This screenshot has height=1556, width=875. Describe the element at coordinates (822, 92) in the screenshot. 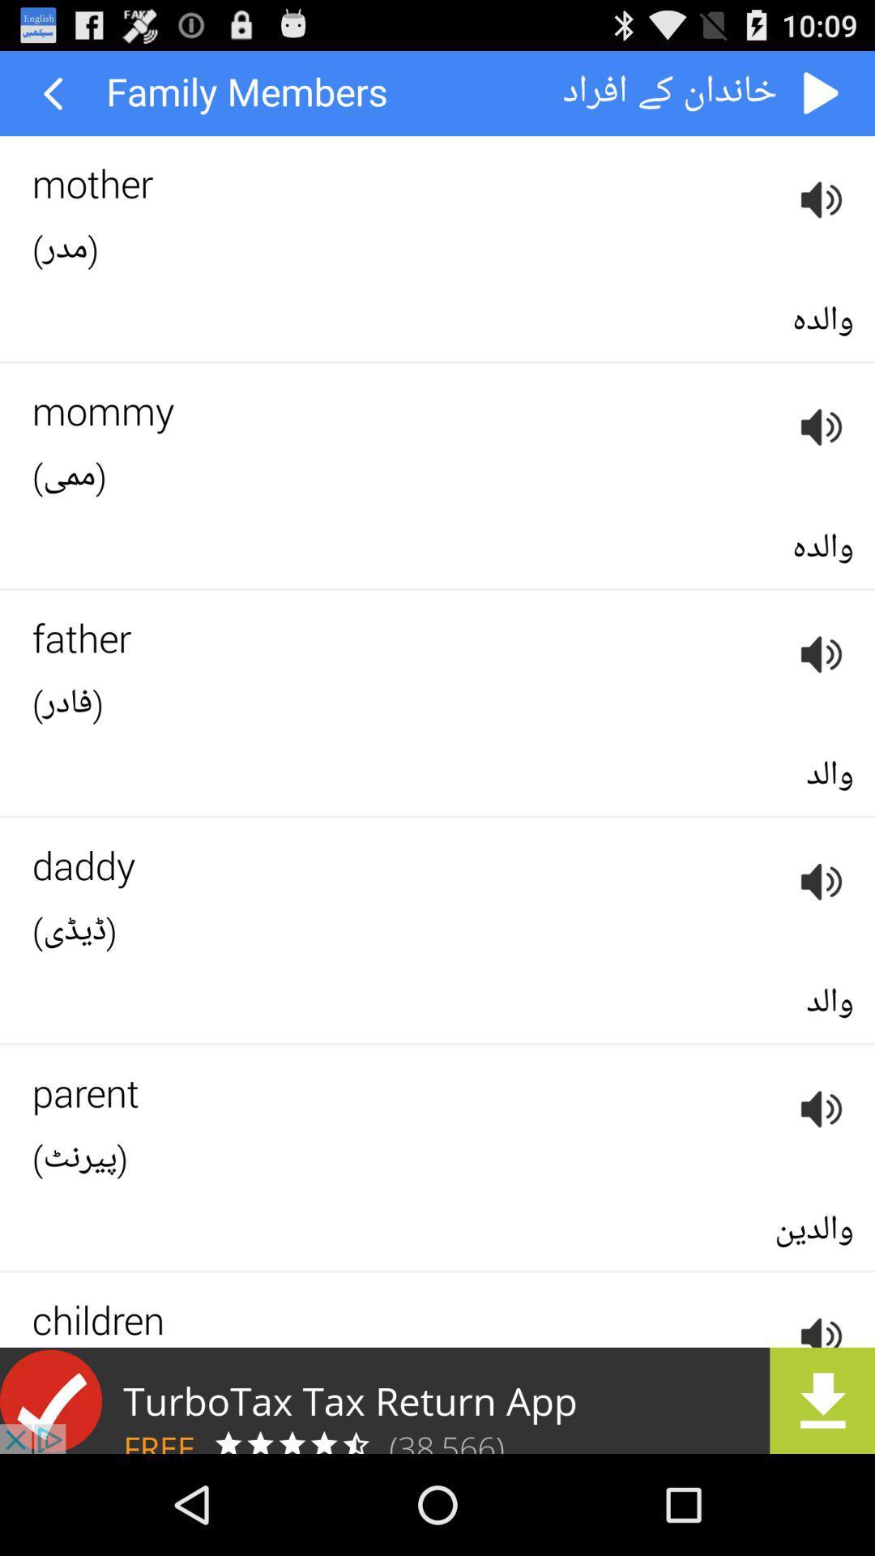

I see `the play` at that location.